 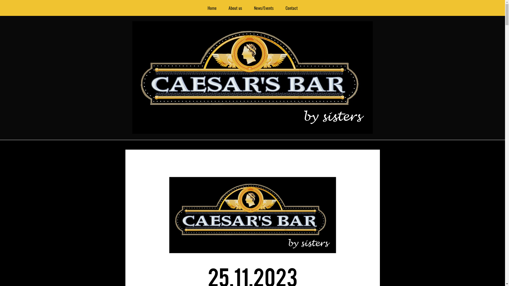 I want to click on 'News/Events', so click(x=248, y=8).